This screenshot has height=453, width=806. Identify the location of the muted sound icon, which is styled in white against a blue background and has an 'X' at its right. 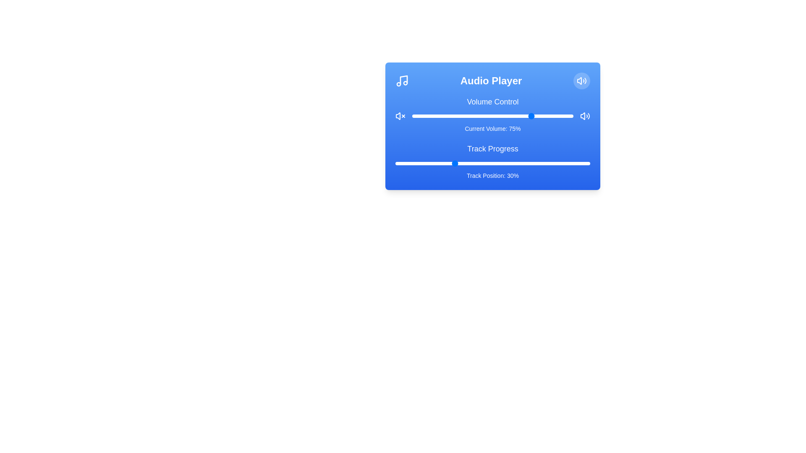
(400, 116).